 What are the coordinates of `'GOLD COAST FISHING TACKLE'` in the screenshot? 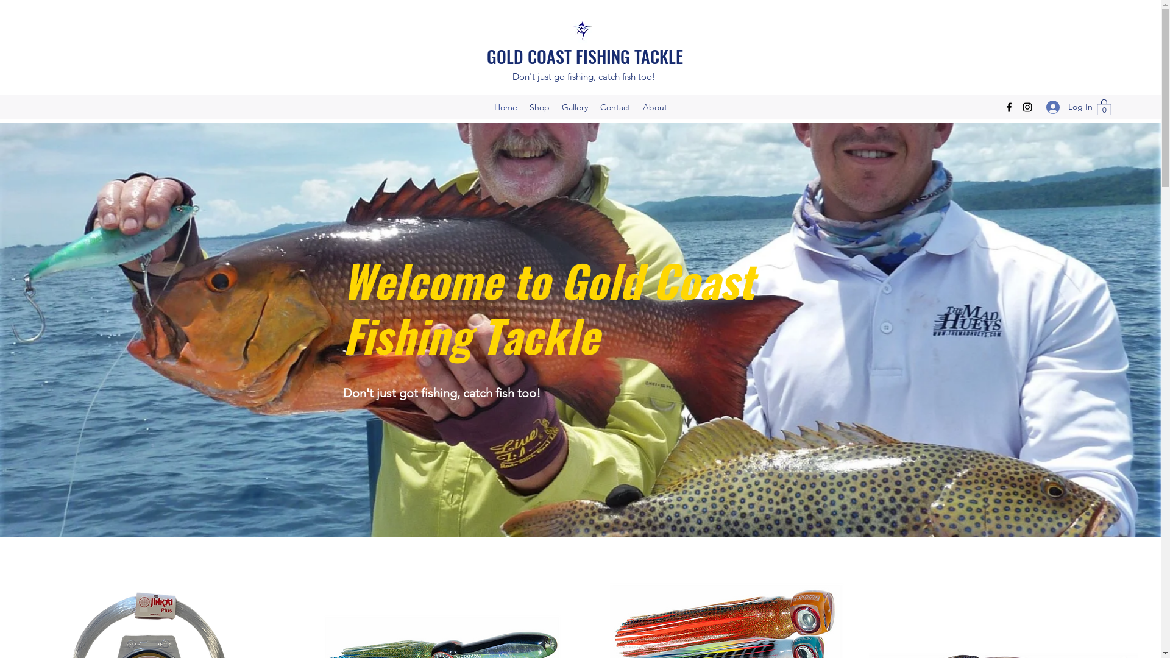 It's located at (585, 56).